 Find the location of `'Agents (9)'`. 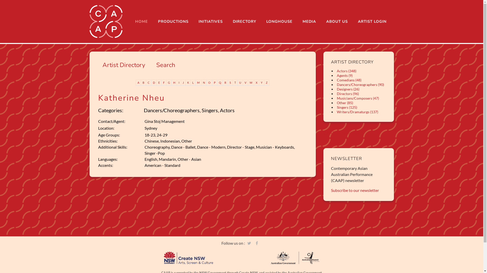

'Agents (9)' is located at coordinates (344, 75).